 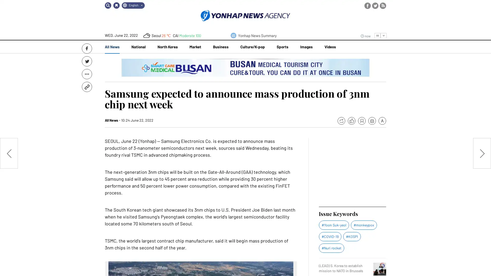 I want to click on SAVE, so click(x=362, y=121).